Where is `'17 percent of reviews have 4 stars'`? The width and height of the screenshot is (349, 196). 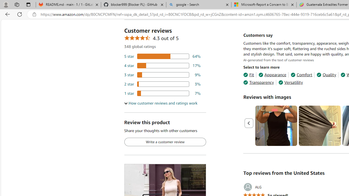 '17 percent of reviews have 4 stars' is located at coordinates (162, 65).